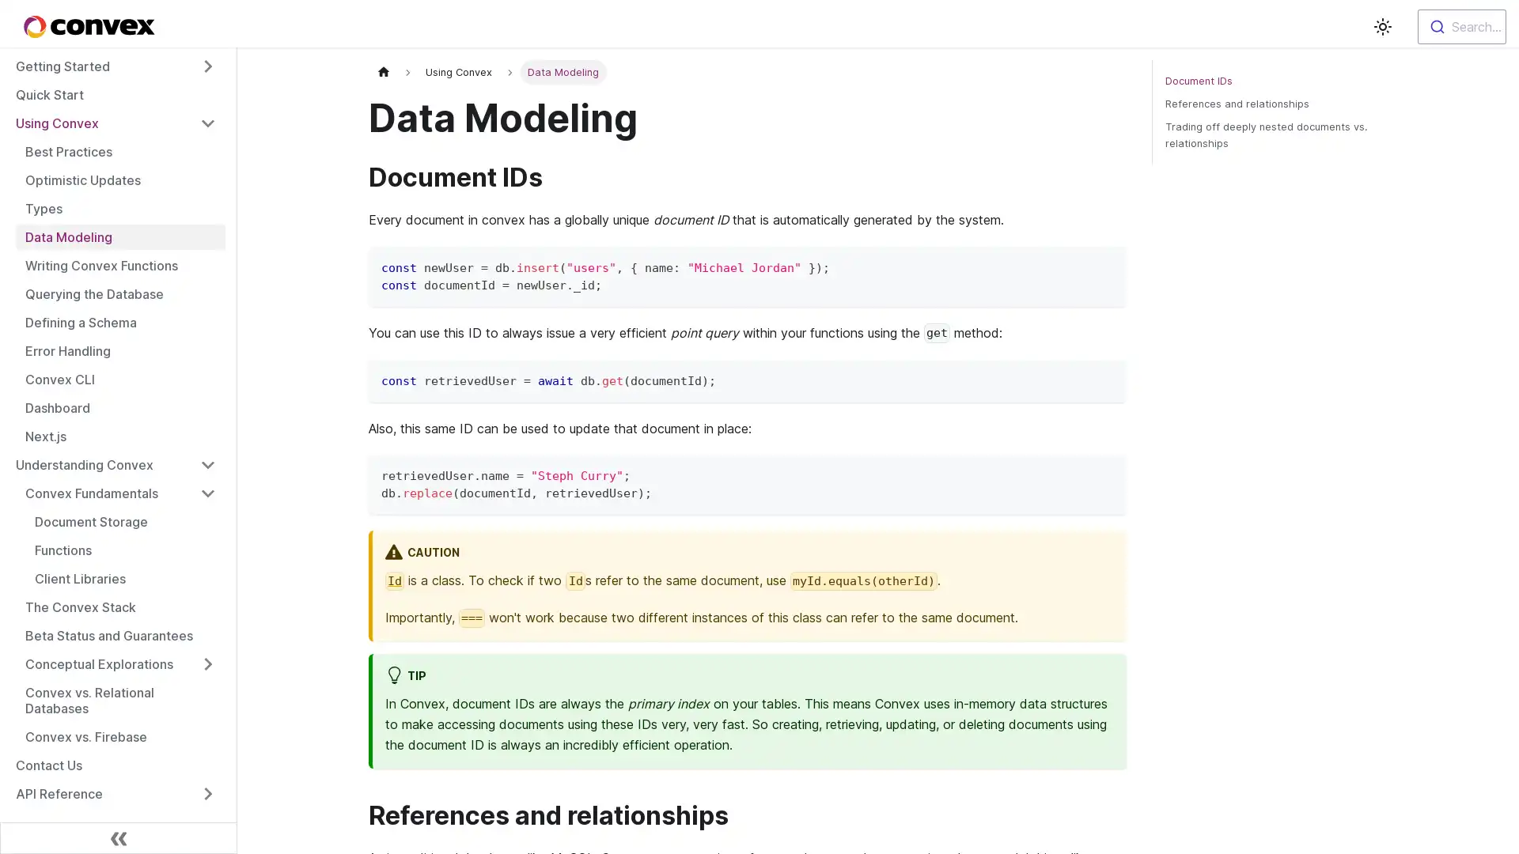  Describe the element at coordinates (1381, 27) in the screenshot. I see `Switch between dark and light mode (currently light mode)` at that location.